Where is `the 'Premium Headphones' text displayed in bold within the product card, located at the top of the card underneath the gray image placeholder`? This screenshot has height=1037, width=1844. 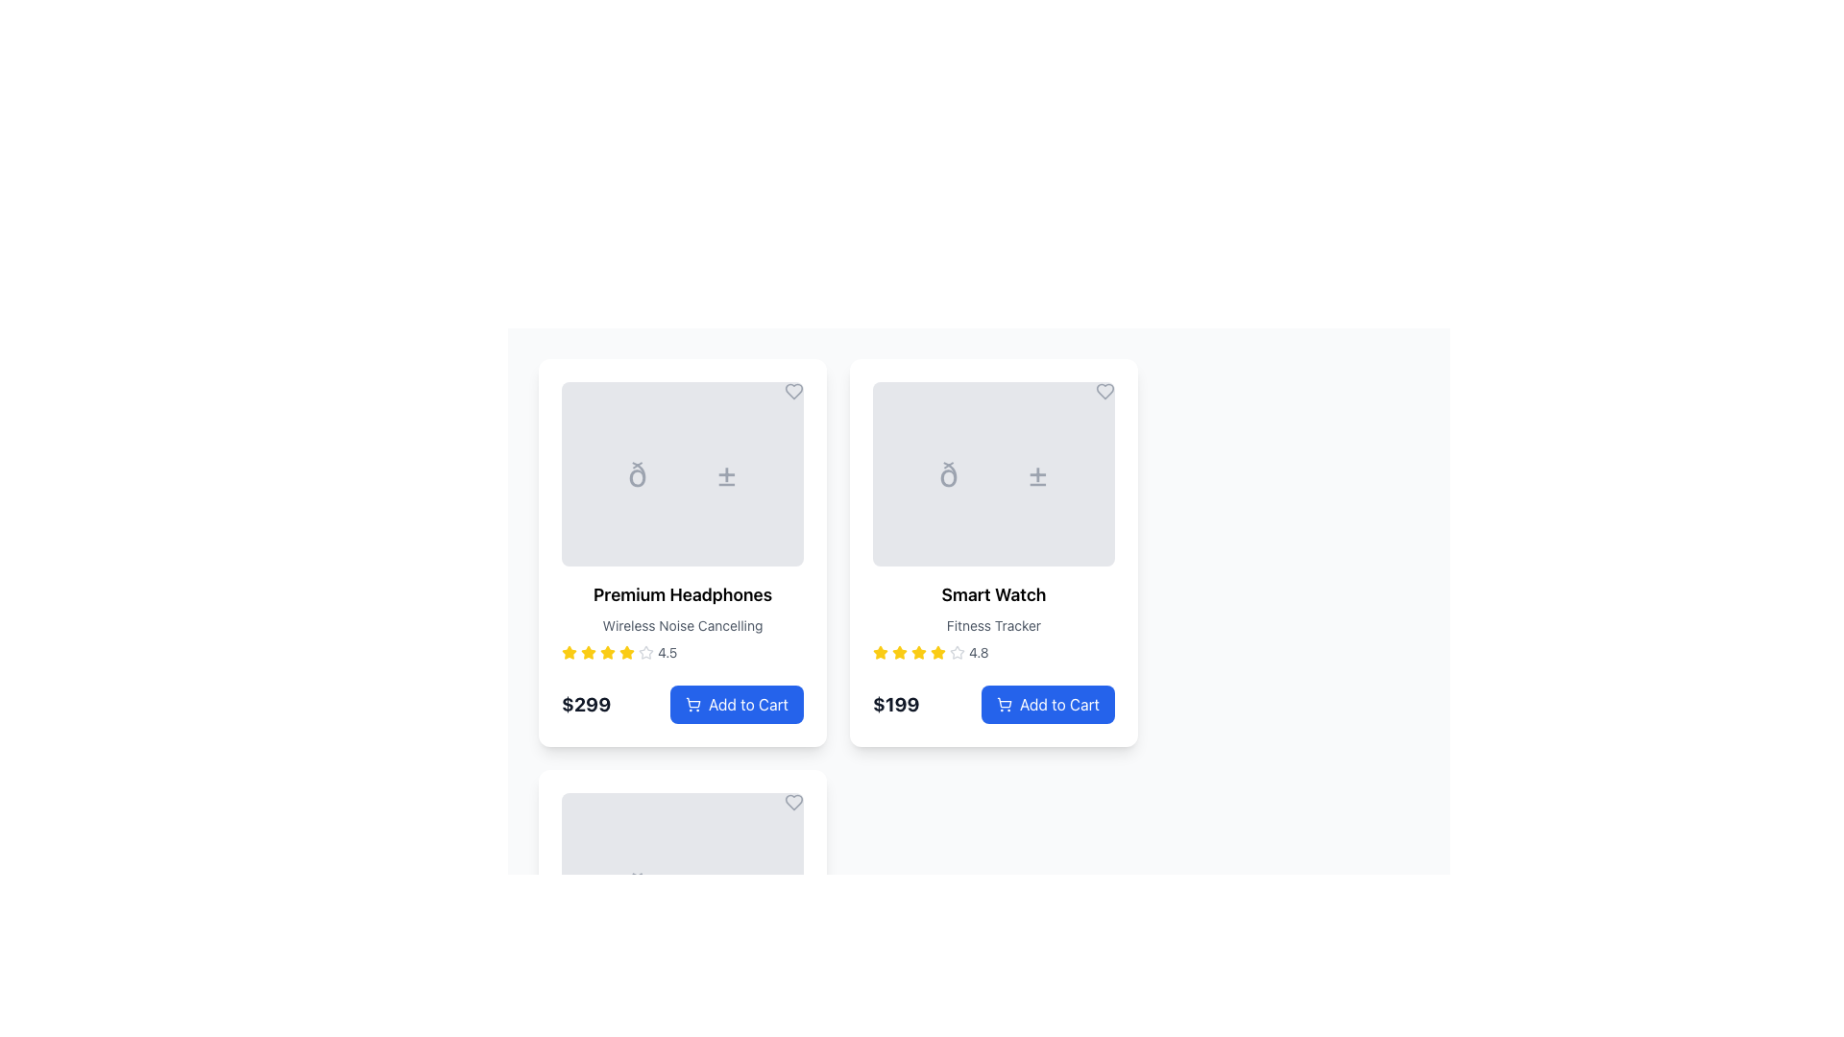 the 'Premium Headphones' text displayed in bold within the product card, located at the top of the card underneath the gray image placeholder is located at coordinates (682, 594).